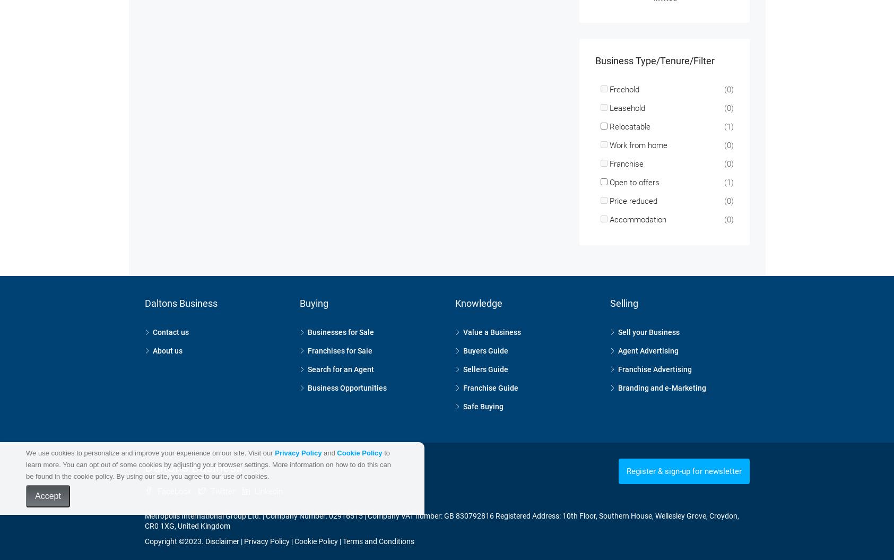 The height and width of the screenshot is (560, 894). Describe the element at coordinates (490, 374) in the screenshot. I see `'Franchise Guide'` at that location.